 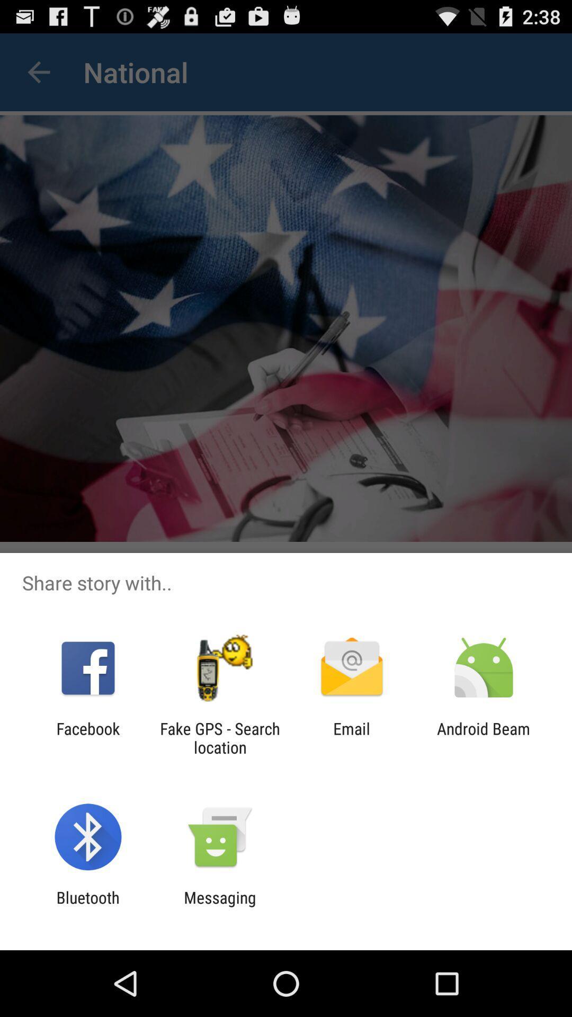 What do you see at coordinates (484, 737) in the screenshot?
I see `the android beam` at bounding box center [484, 737].